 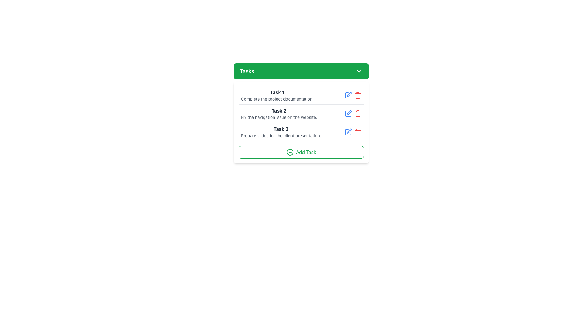 What do you see at coordinates (280, 128) in the screenshot?
I see `the bold dark gray text label reading 'Task 3', which is the title of the third task in the list` at bounding box center [280, 128].